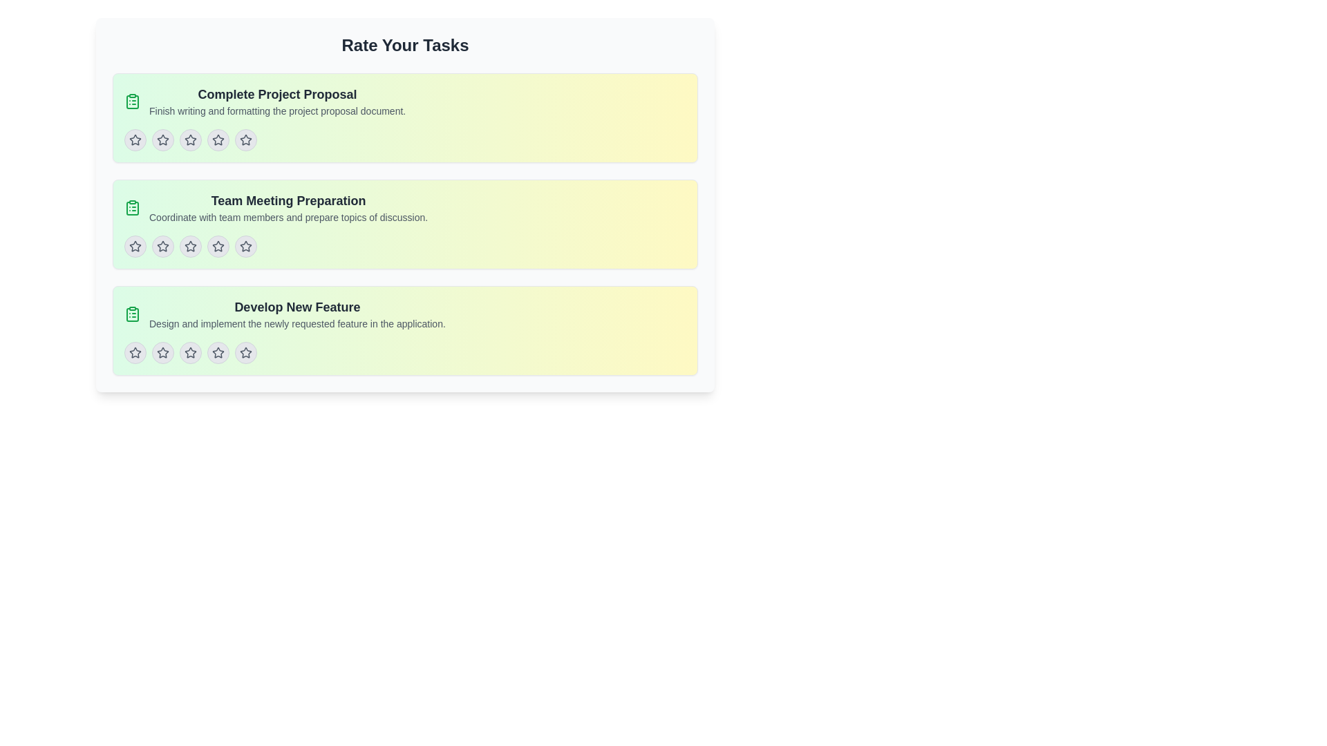 The height and width of the screenshot is (746, 1327). Describe the element at coordinates (288, 200) in the screenshot. I see `the static text label titled 'Team Meeting Preparation' which serves as the main title for its row in the vertically structured list` at that location.